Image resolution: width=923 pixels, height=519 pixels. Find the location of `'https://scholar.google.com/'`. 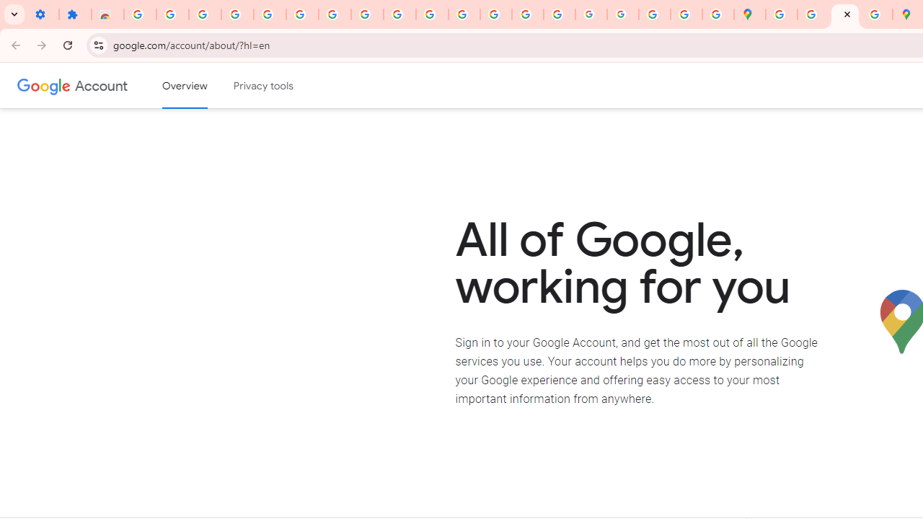

'https://scholar.google.com/' is located at coordinates (464, 14).